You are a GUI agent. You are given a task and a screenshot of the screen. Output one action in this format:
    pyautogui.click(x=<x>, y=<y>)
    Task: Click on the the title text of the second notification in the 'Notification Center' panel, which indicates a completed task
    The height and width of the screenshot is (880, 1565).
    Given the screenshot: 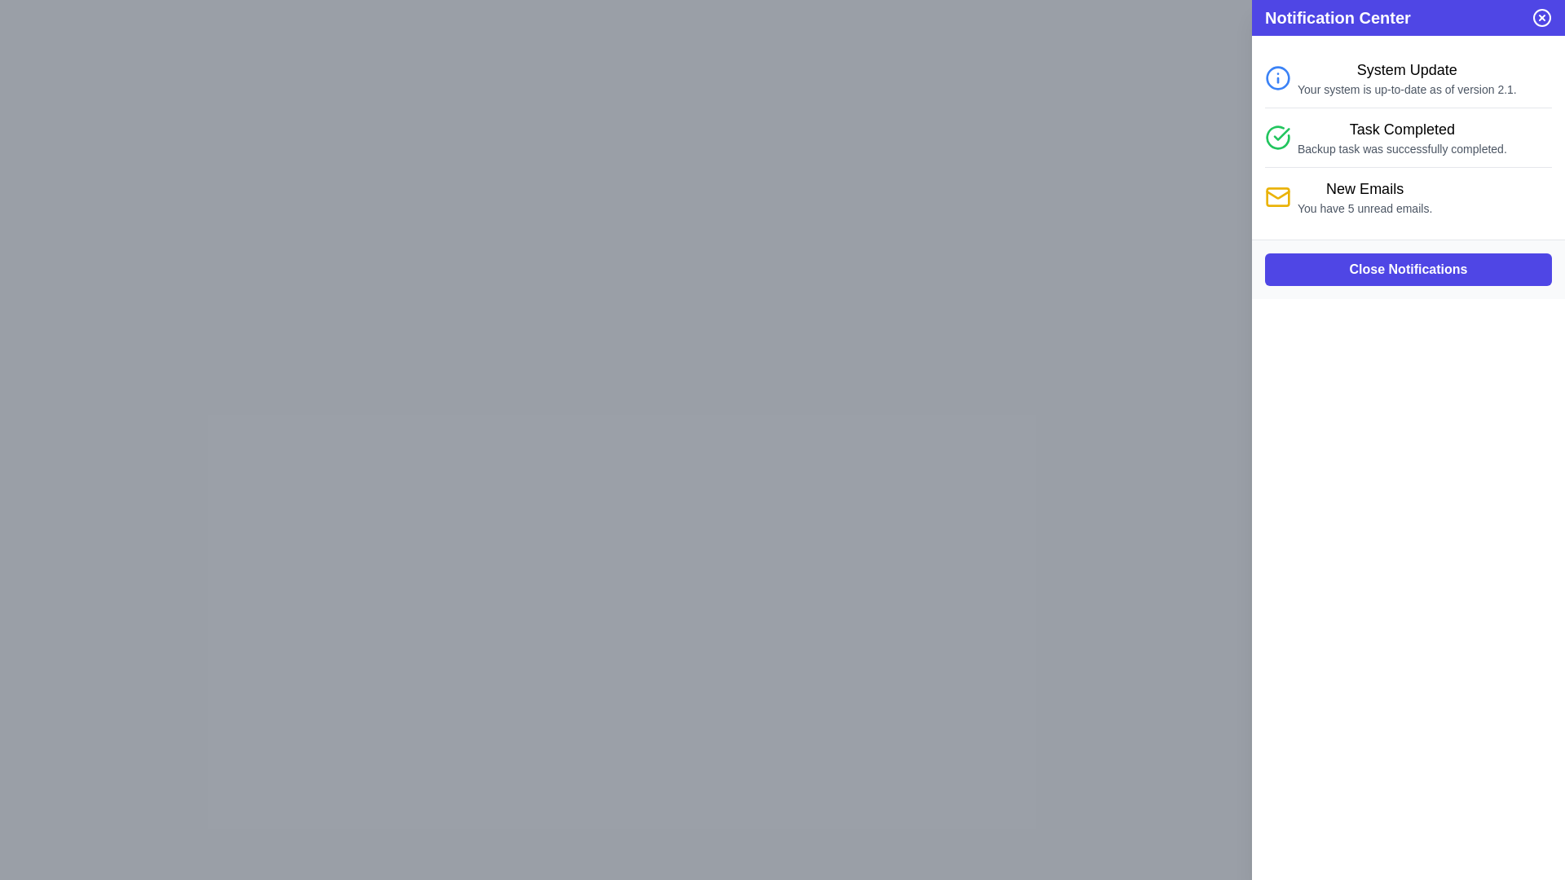 What is the action you would take?
    pyautogui.click(x=1401, y=128)
    